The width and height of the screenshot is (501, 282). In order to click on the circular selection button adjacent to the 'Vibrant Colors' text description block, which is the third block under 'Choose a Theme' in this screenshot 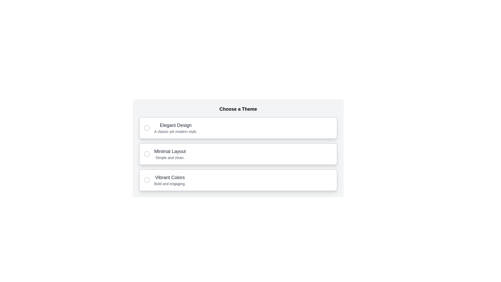, I will do `click(170, 180)`.